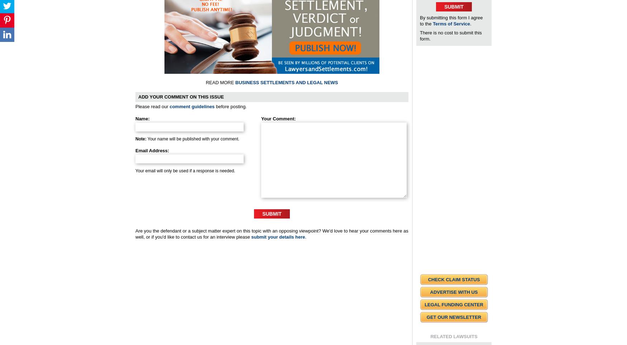 The width and height of the screenshot is (627, 345). What do you see at coordinates (271, 234) in the screenshot?
I see `'Are you the defendant or a subject matter expert on this topic with an opposing viewpoint? We'd love to hear your comments here as well, or if you'd like to contact us for an interview please'` at bounding box center [271, 234].